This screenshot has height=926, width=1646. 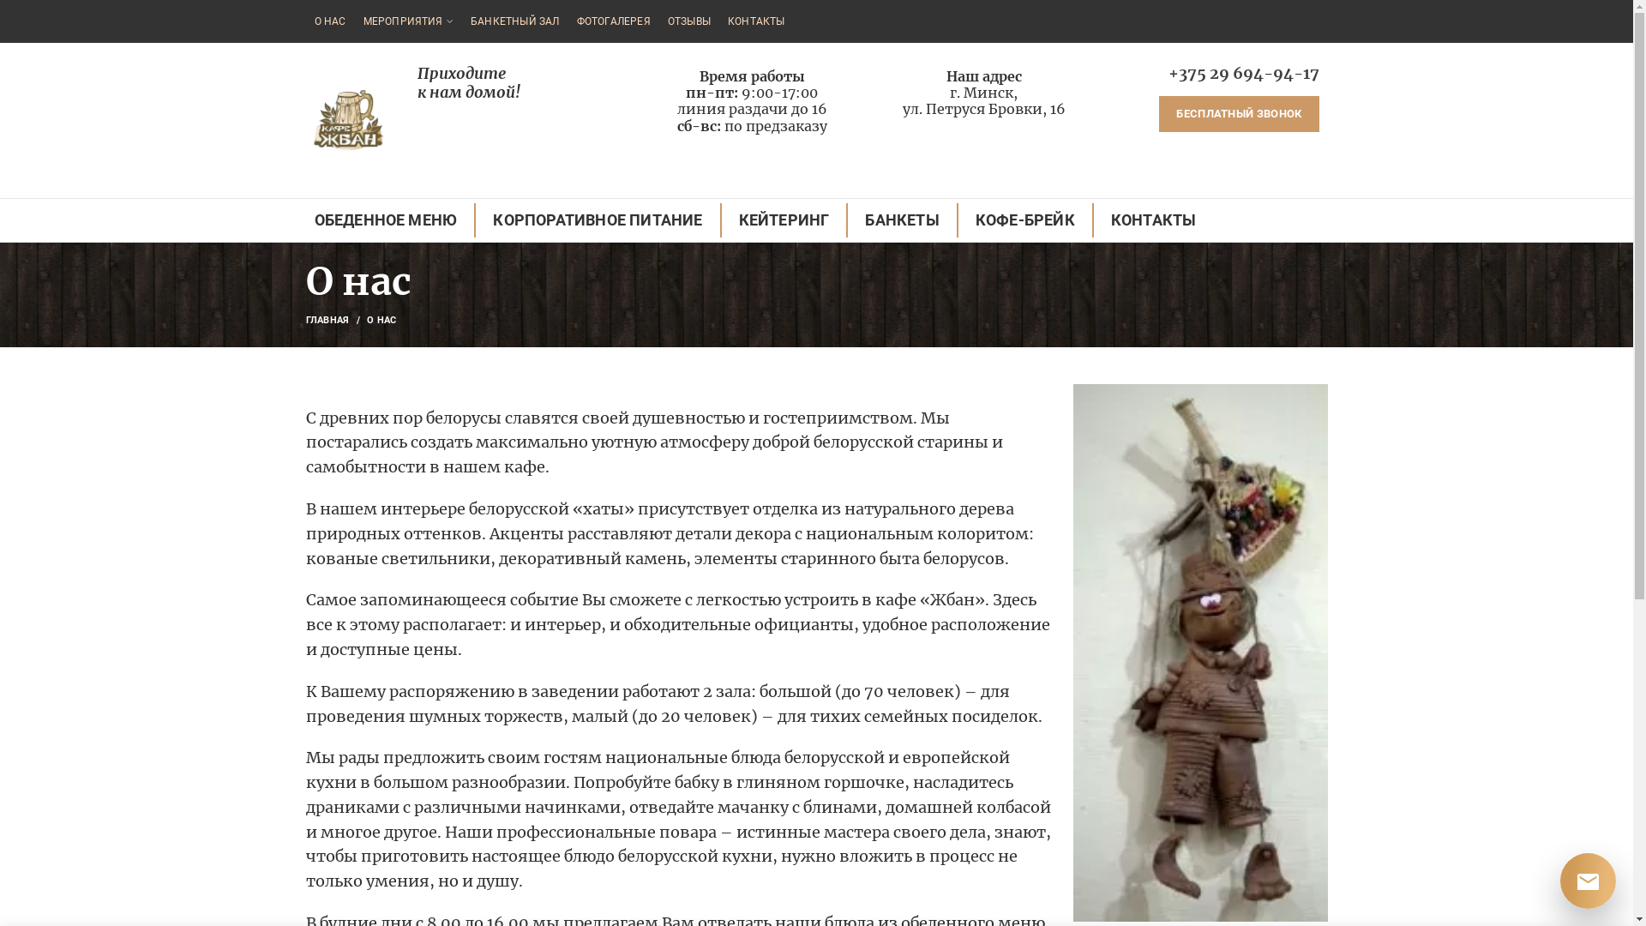 I want to click on '+375 29 694-94-17', so click(x=1242, y=72).